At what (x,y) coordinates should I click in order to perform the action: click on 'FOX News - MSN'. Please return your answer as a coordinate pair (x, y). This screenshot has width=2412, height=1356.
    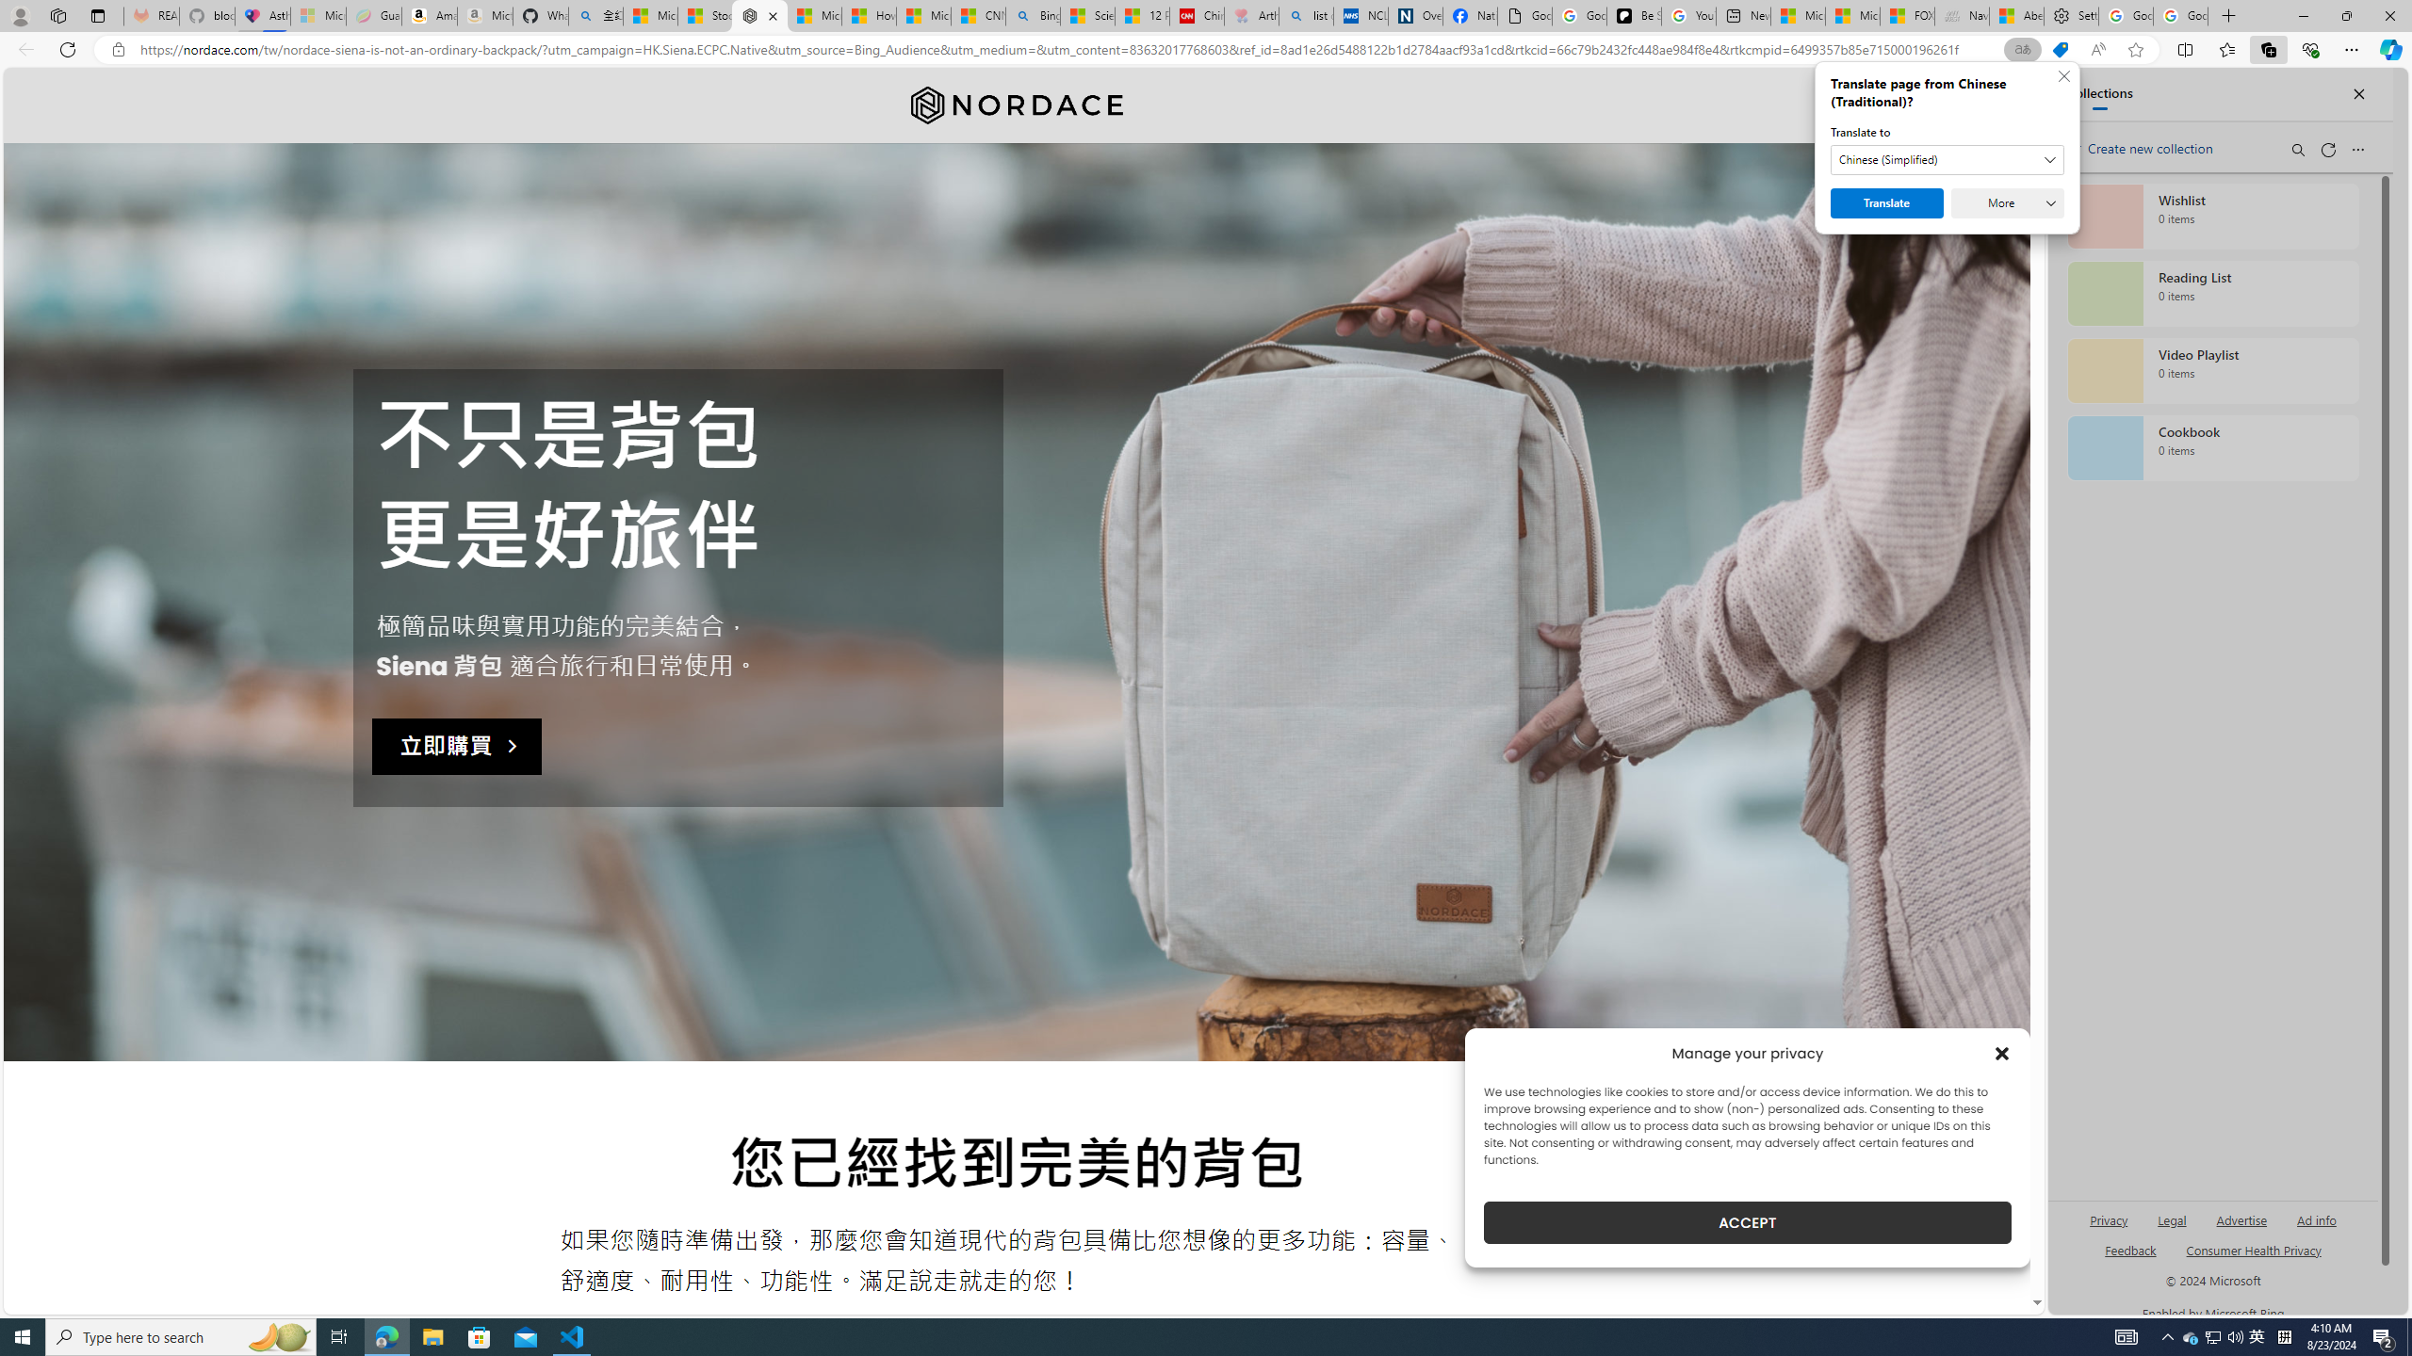
    Looking at the image, I should click on (1905, 15).